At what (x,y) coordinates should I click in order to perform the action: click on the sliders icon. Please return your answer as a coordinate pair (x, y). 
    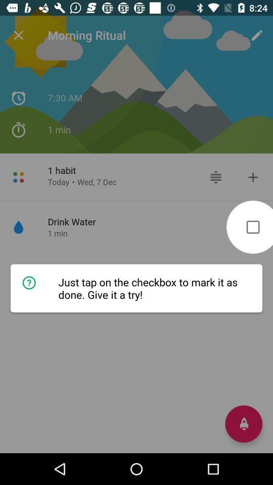
    Looking at the image, I should click on (215, 177).